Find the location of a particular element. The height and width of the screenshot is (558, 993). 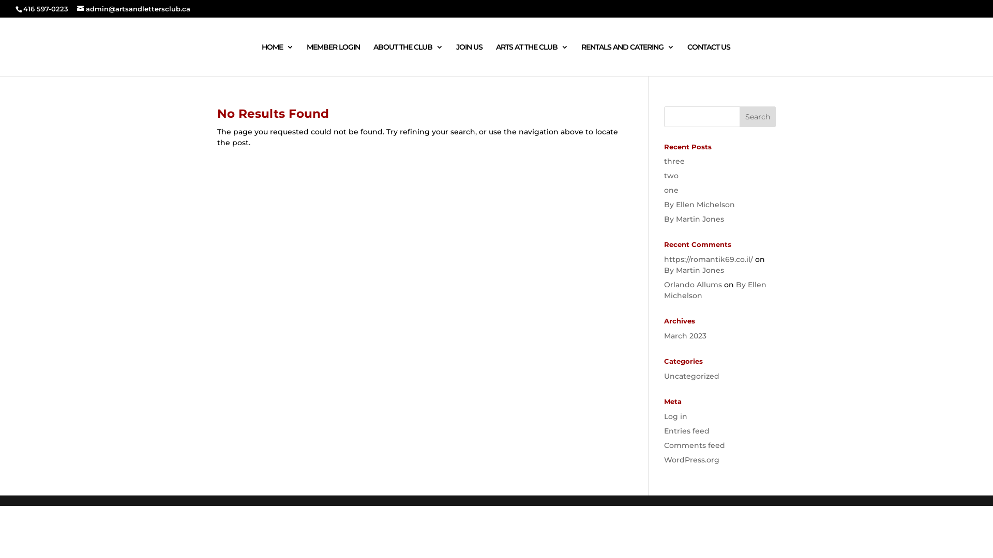

'one' is located at coordinates (671, 190).